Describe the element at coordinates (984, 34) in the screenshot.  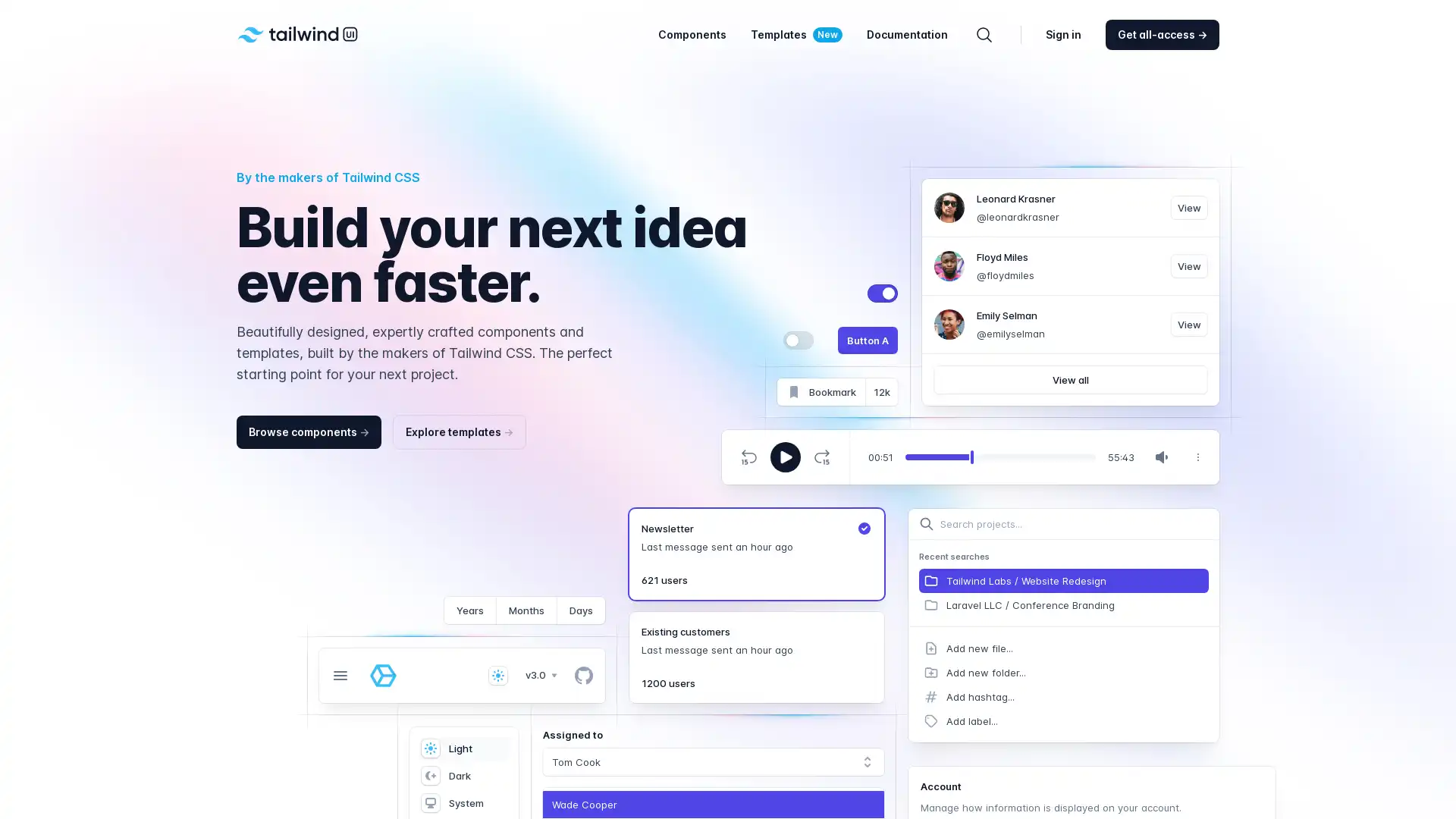
I see `Search components` at that location.